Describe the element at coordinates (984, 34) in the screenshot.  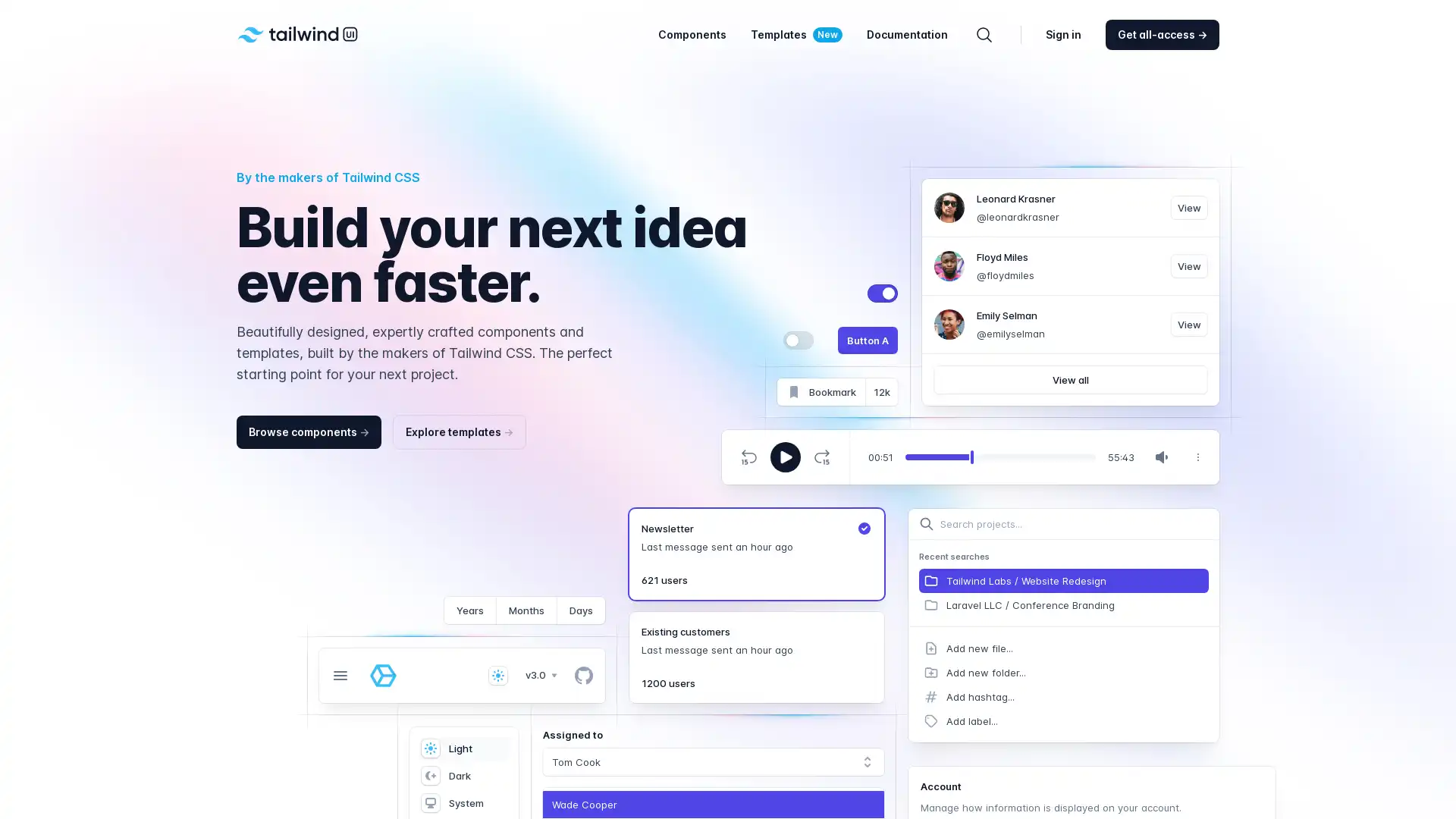
I see `Search components` at that location.